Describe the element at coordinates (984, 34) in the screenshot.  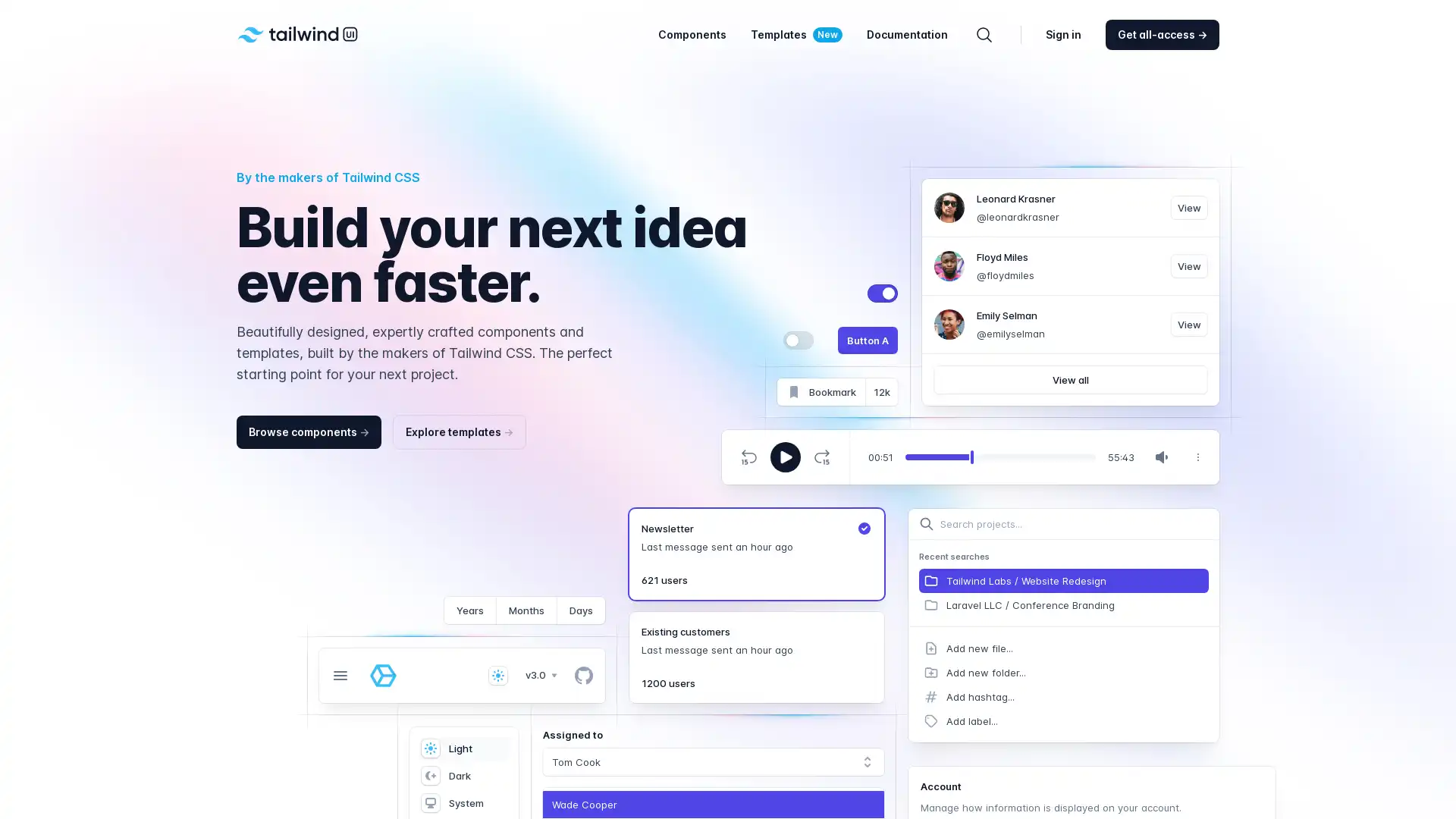
I see `Search components` at that location.